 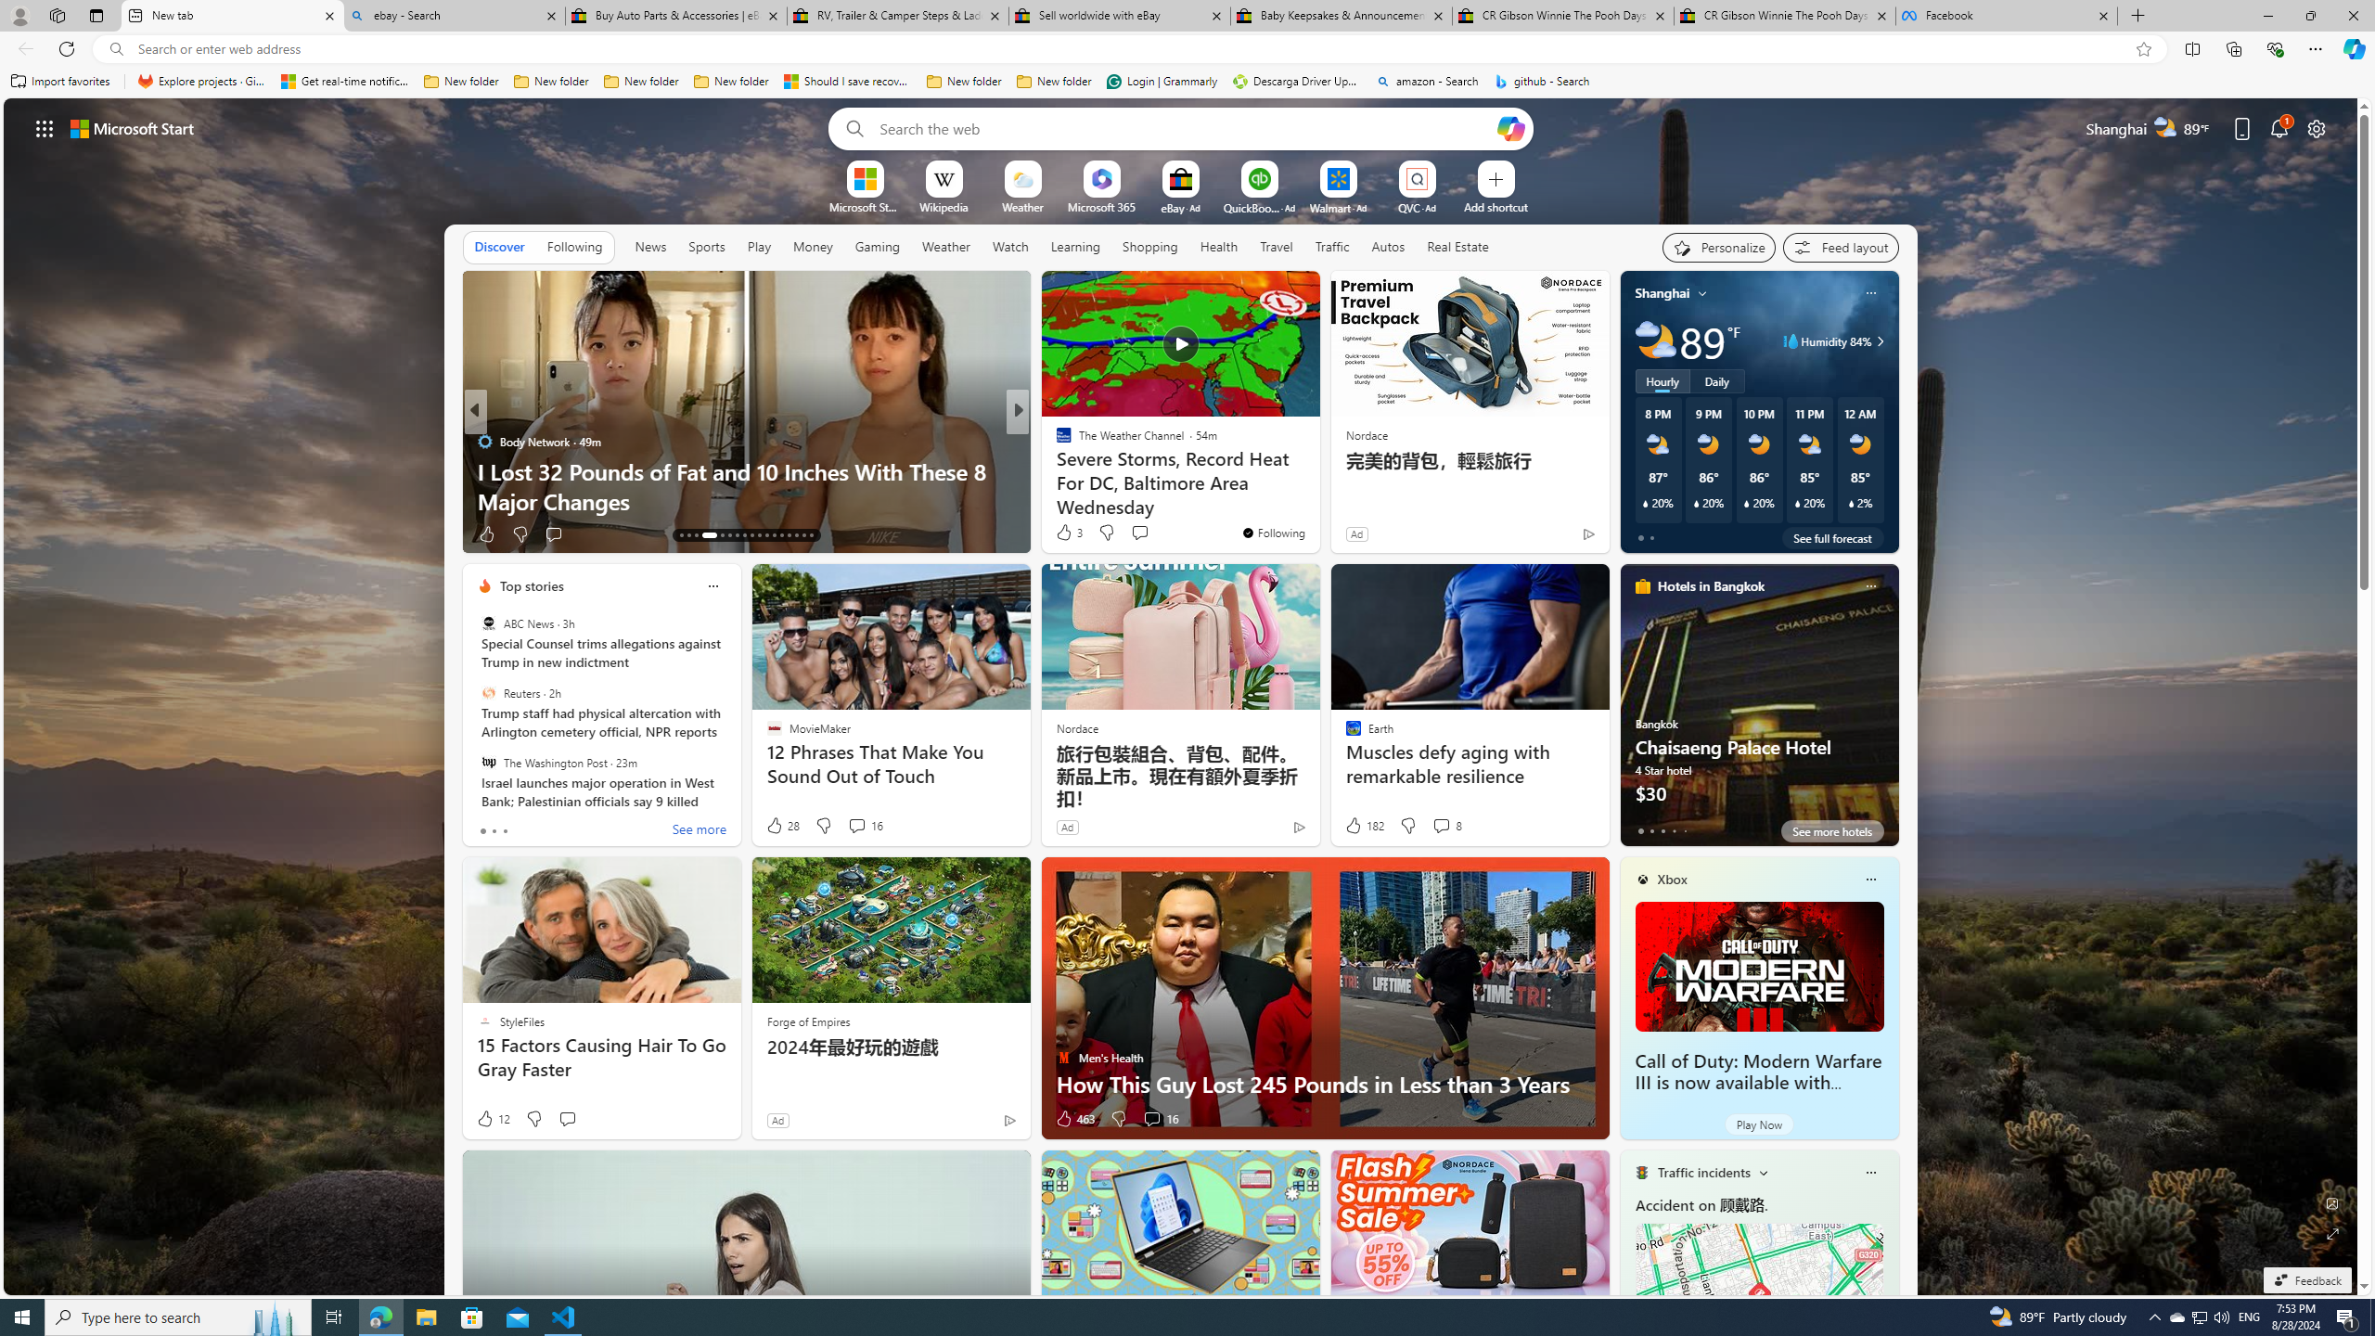 I want to click on 'Page settings', so click(x=2316, y=127).